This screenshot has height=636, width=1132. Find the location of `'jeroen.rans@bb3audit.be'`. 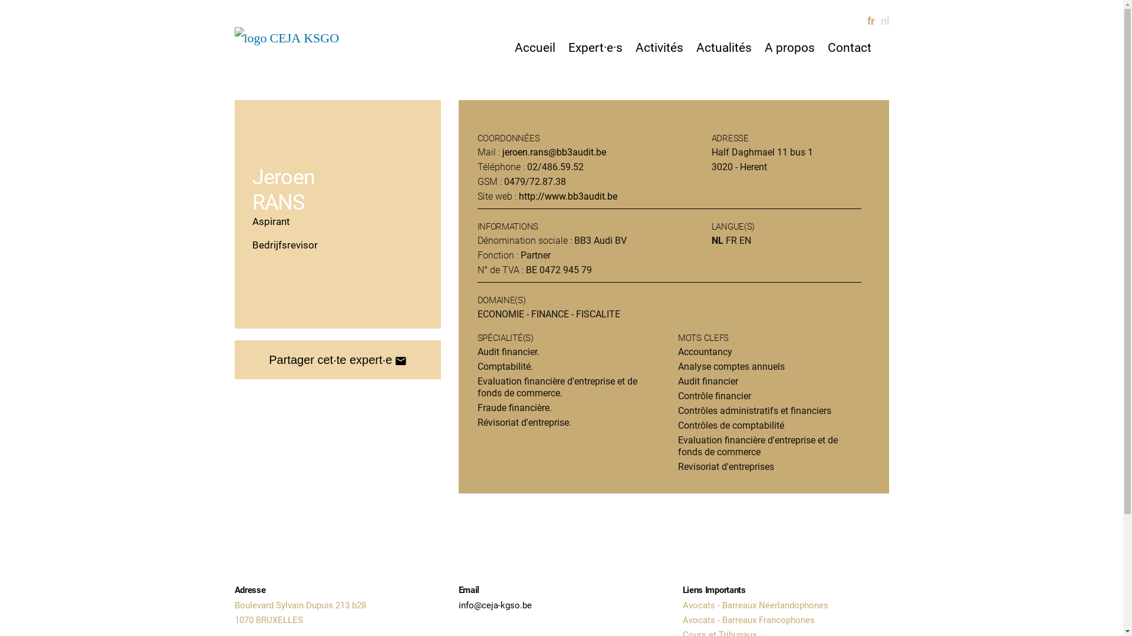

'jeroen.rans@bb3audit.be' is located at coordinates (554, 151).